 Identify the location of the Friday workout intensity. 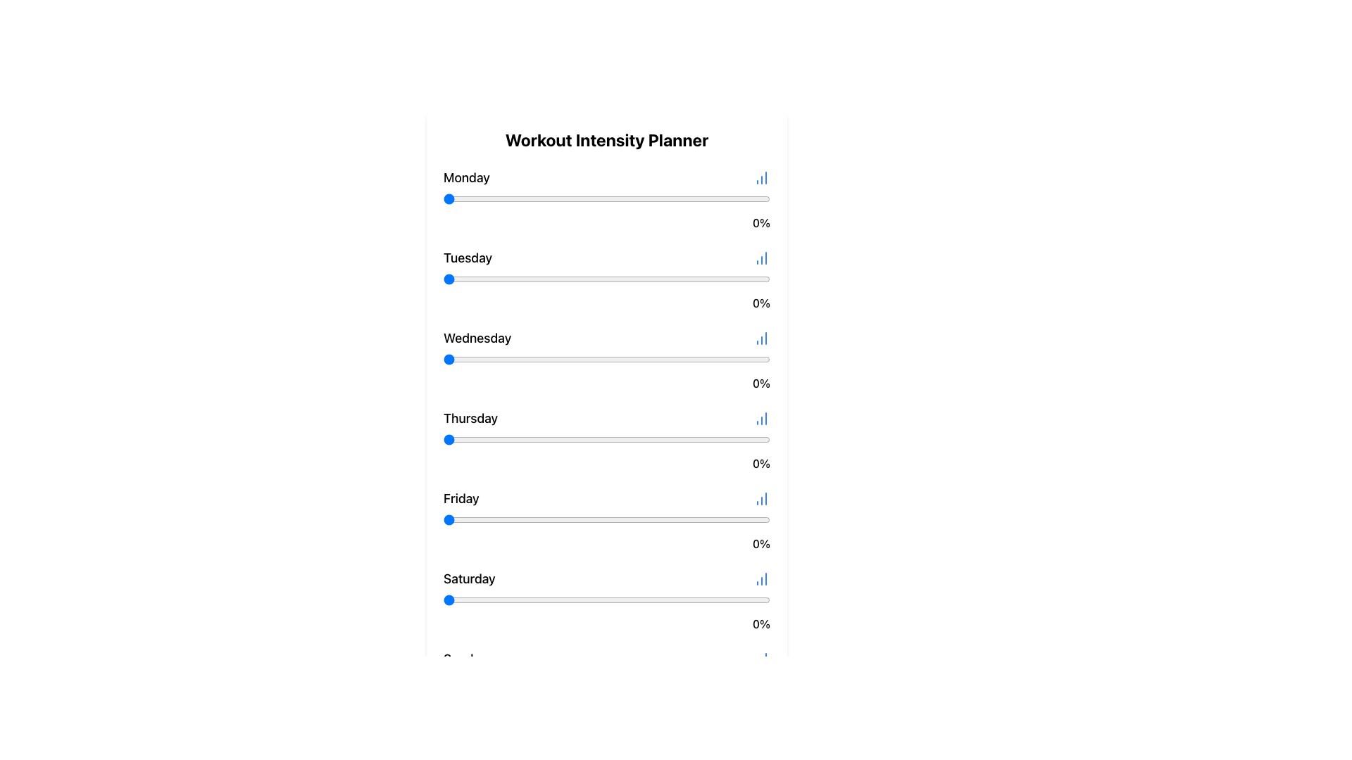
(658, 520).